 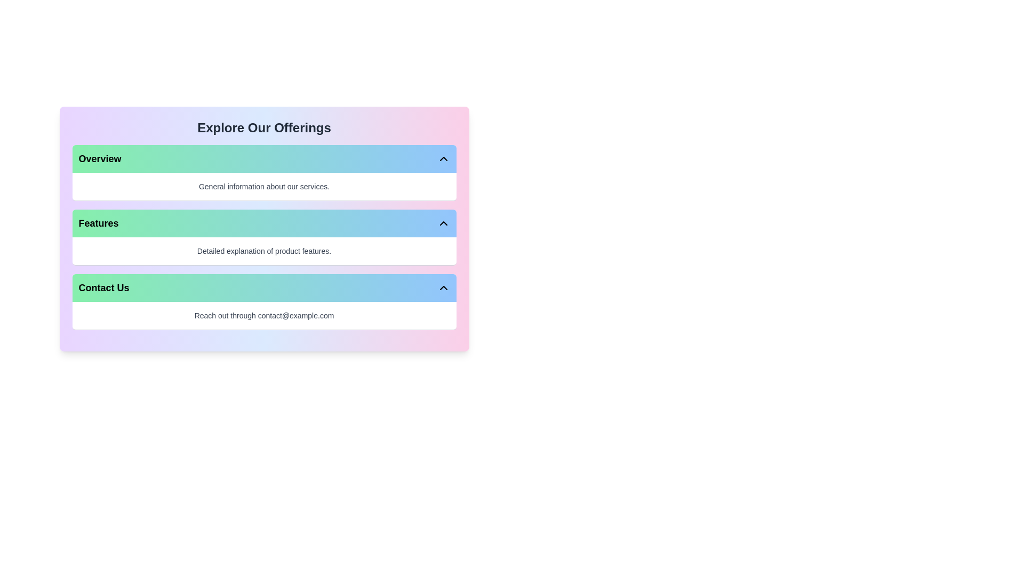 What do you see at coordinates (264, 228) in the screenshot?
I see `the Informative section, which is a centrally positioned box with rounded corners and a gradient background transitioning from purple to pink, situated between the 'Overview' and 'Contact Us' sections` at bounding box center [264, 228].